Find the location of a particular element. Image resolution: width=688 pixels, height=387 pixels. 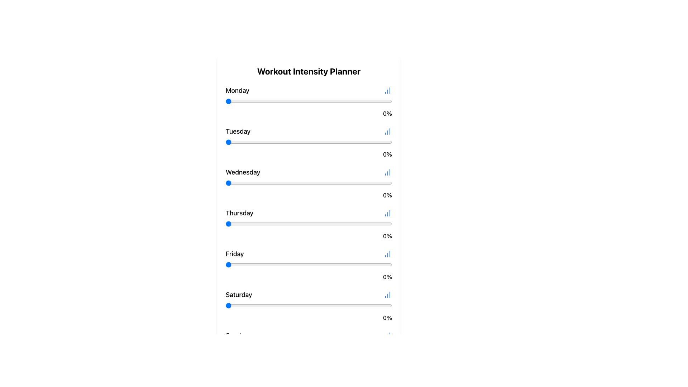

the intensity for Tuesday is located at coordinates (352, 142).